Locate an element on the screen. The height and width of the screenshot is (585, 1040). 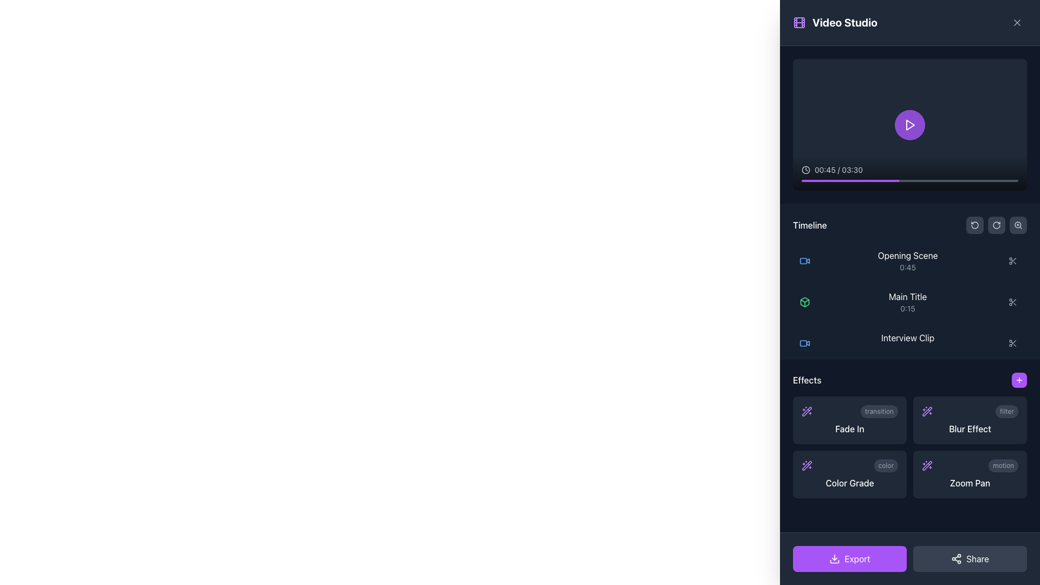
the duration text displaying '00:45 / 03:30', which is styled in small gray text and located near the bottom of the video preview area, next to the clock icon and above the progress bar is located at coordinates (838, 170).